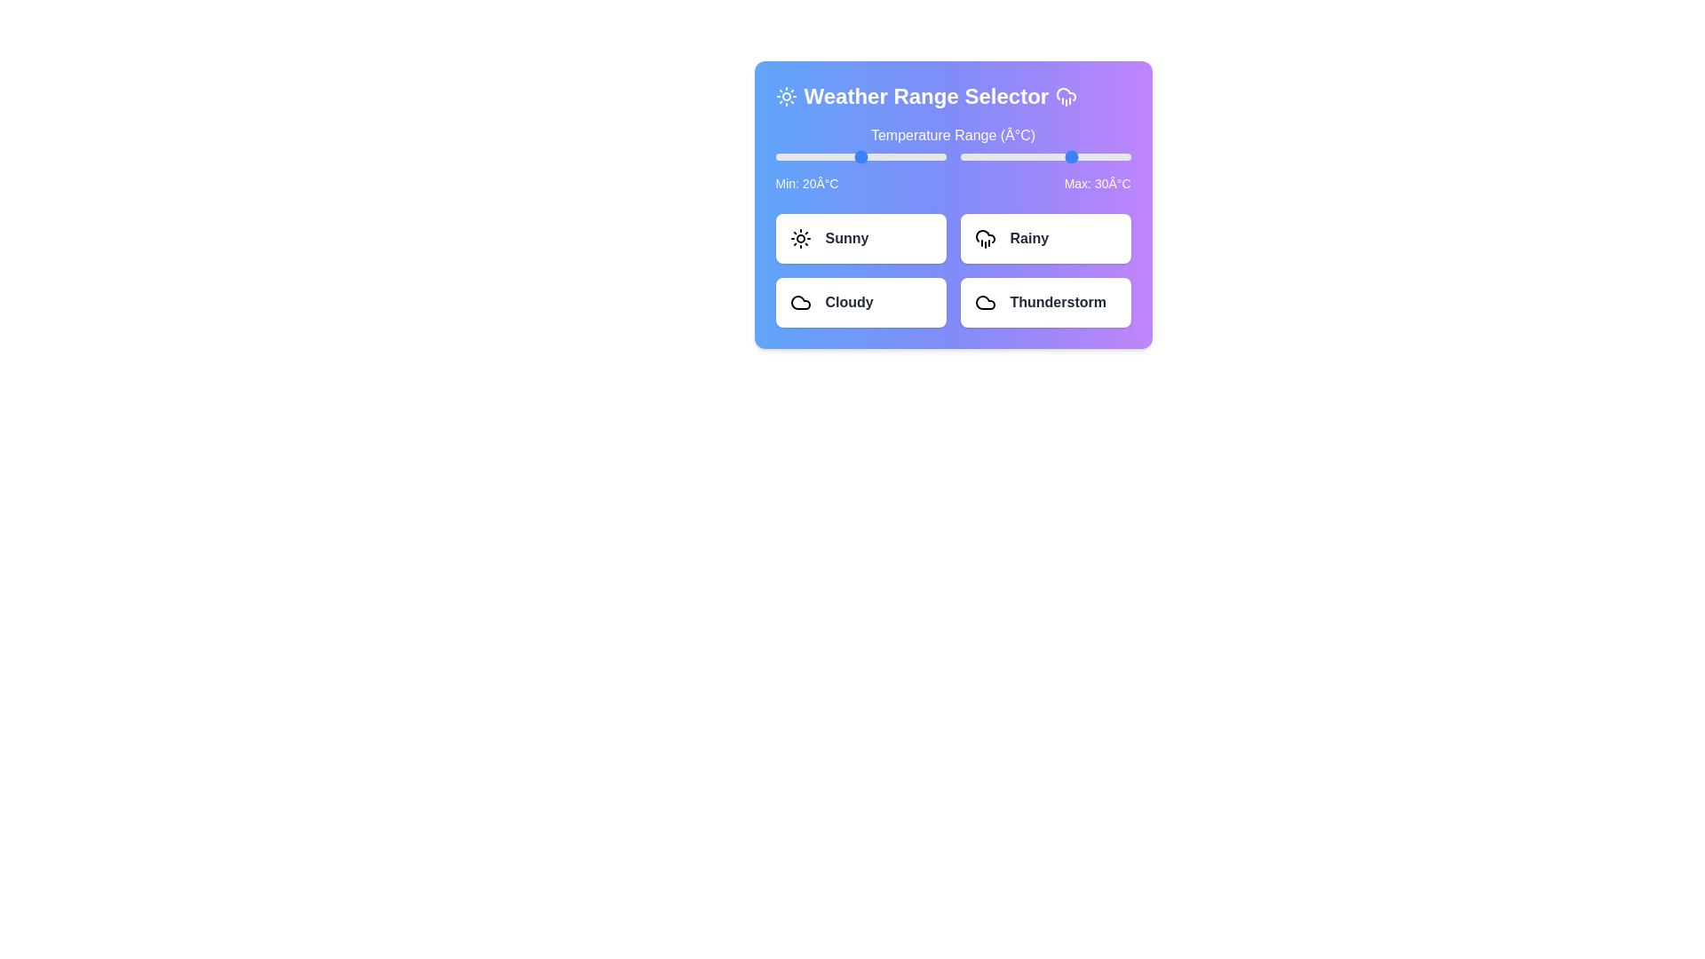  Describe the element at coordinates (1045, 238) in the screenshot. I see `the 'Rainy' weather condition button` at that location.